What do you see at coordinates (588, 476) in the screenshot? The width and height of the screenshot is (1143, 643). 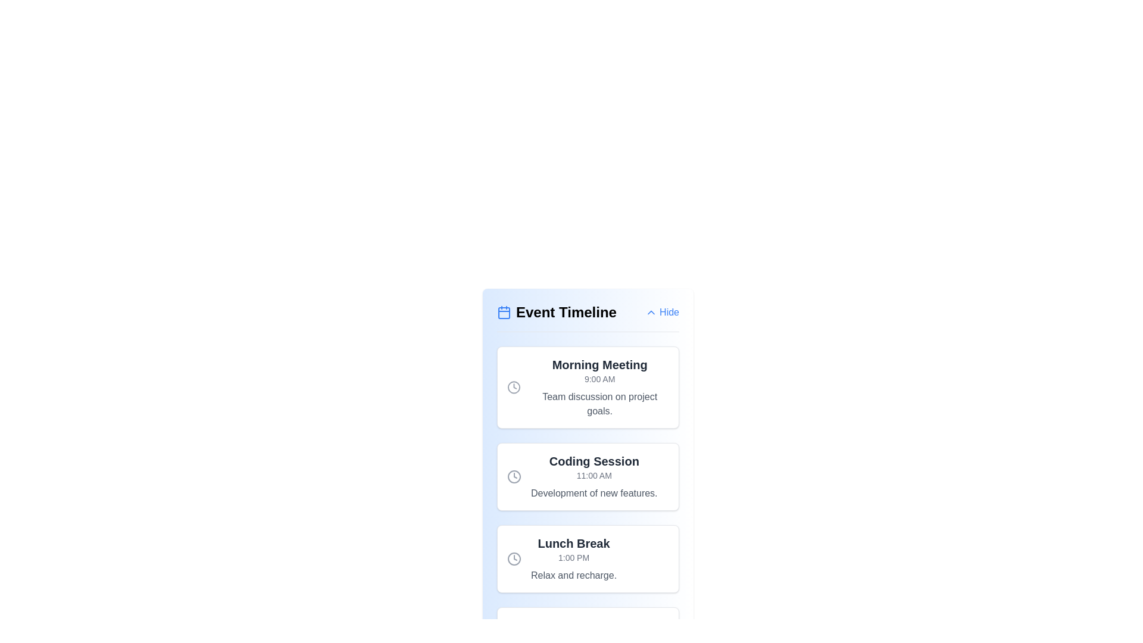 I see `the scheduled event item titled 'Coding Session' in the Event Timeline, which includes a timestamp of '11:00 AM' and additional descriptive text` at bounding box center [588, 476].